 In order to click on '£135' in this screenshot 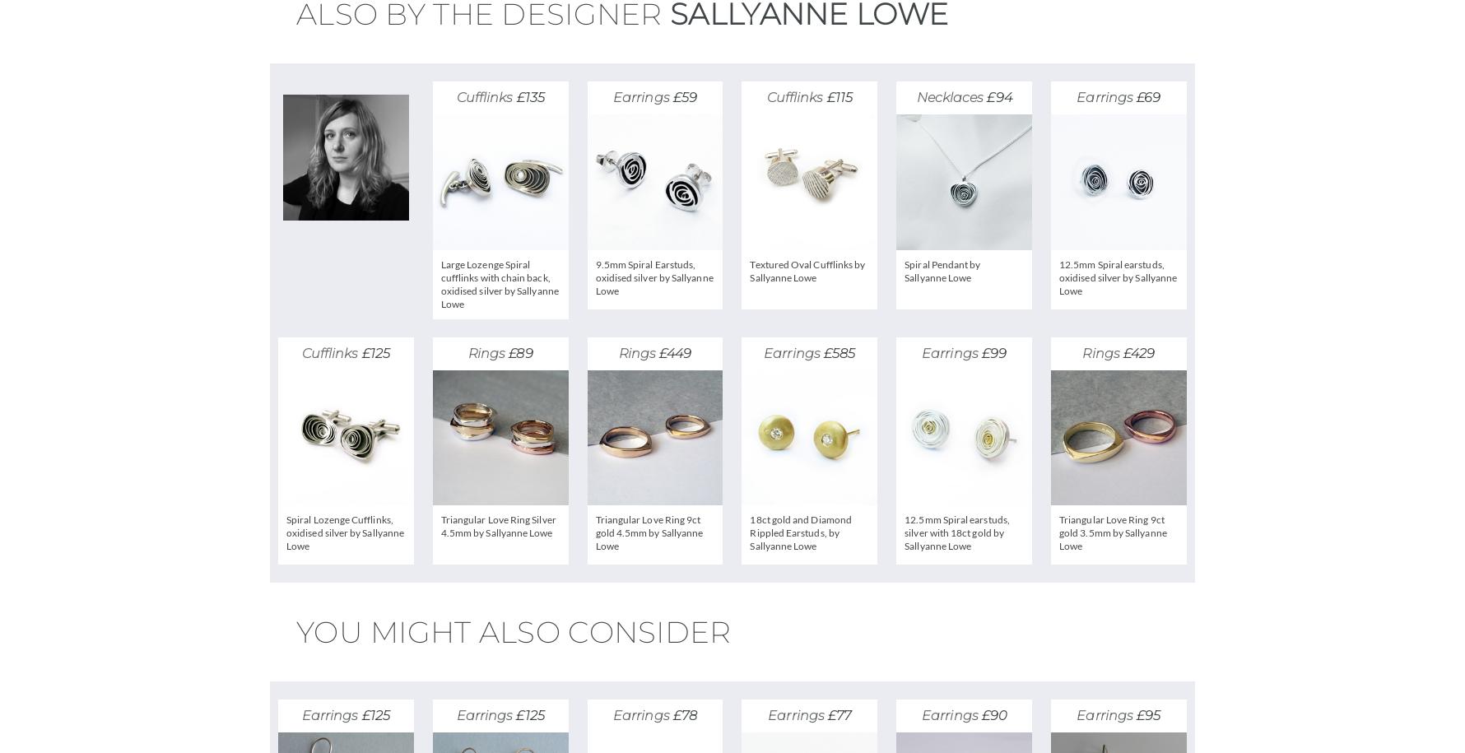, I will do `click(515, 96)`.